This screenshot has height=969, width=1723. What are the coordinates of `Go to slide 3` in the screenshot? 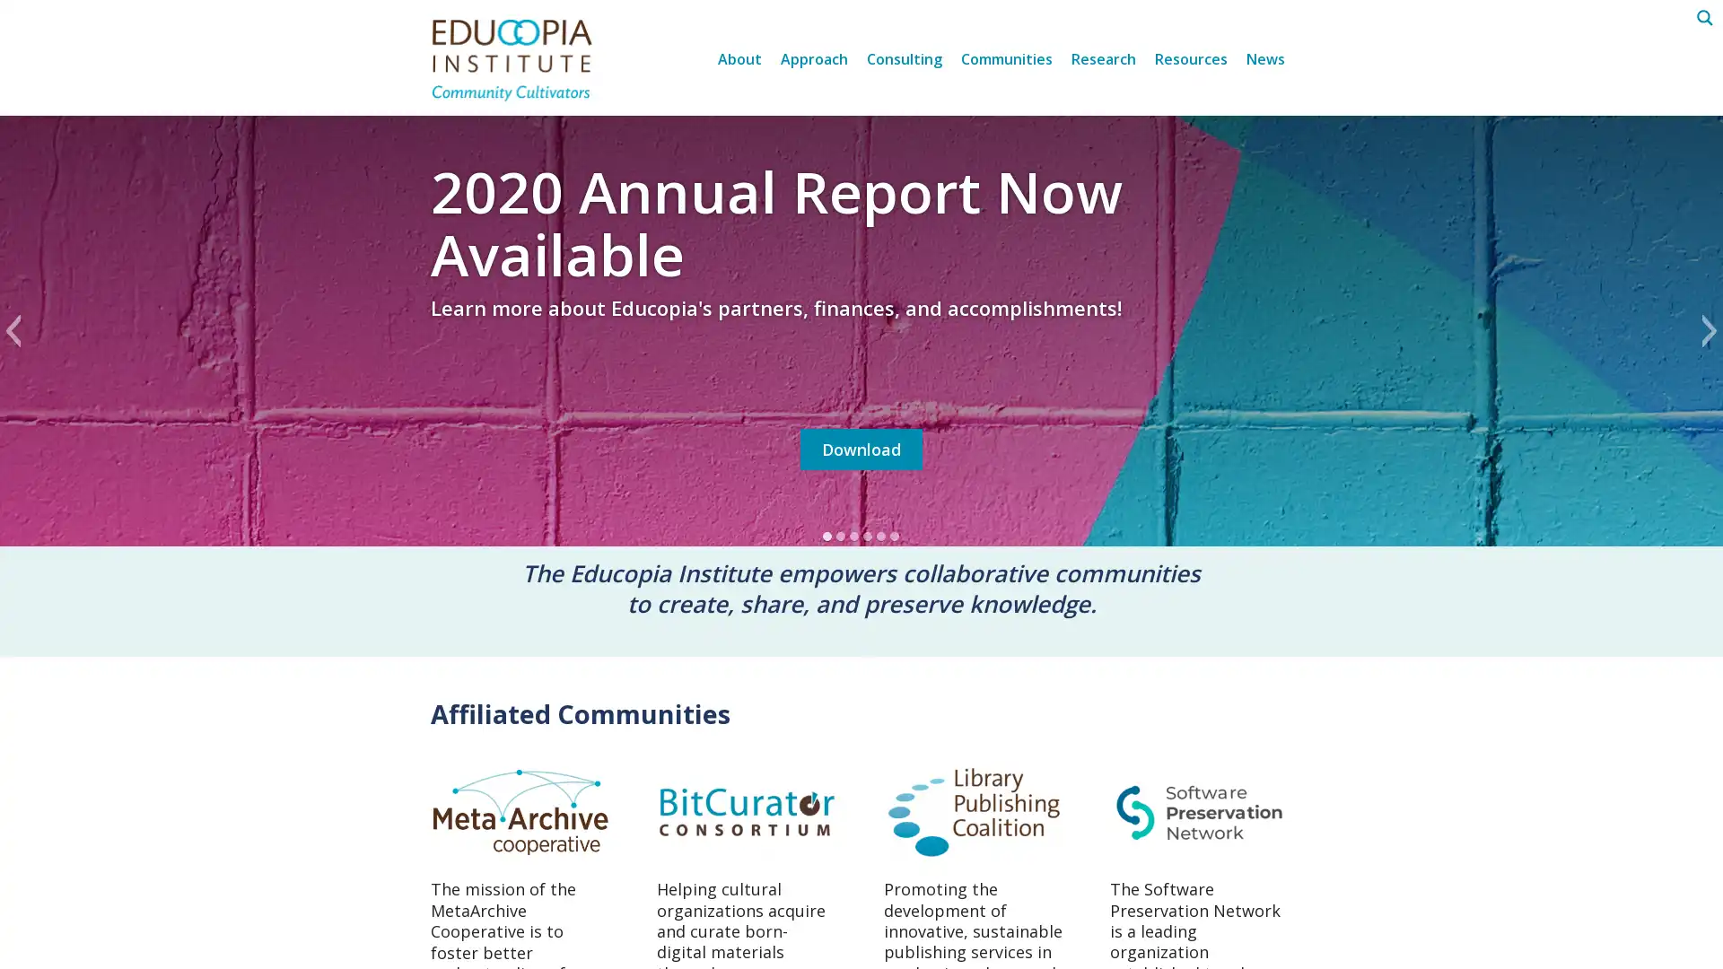 It's located at (853, 536).